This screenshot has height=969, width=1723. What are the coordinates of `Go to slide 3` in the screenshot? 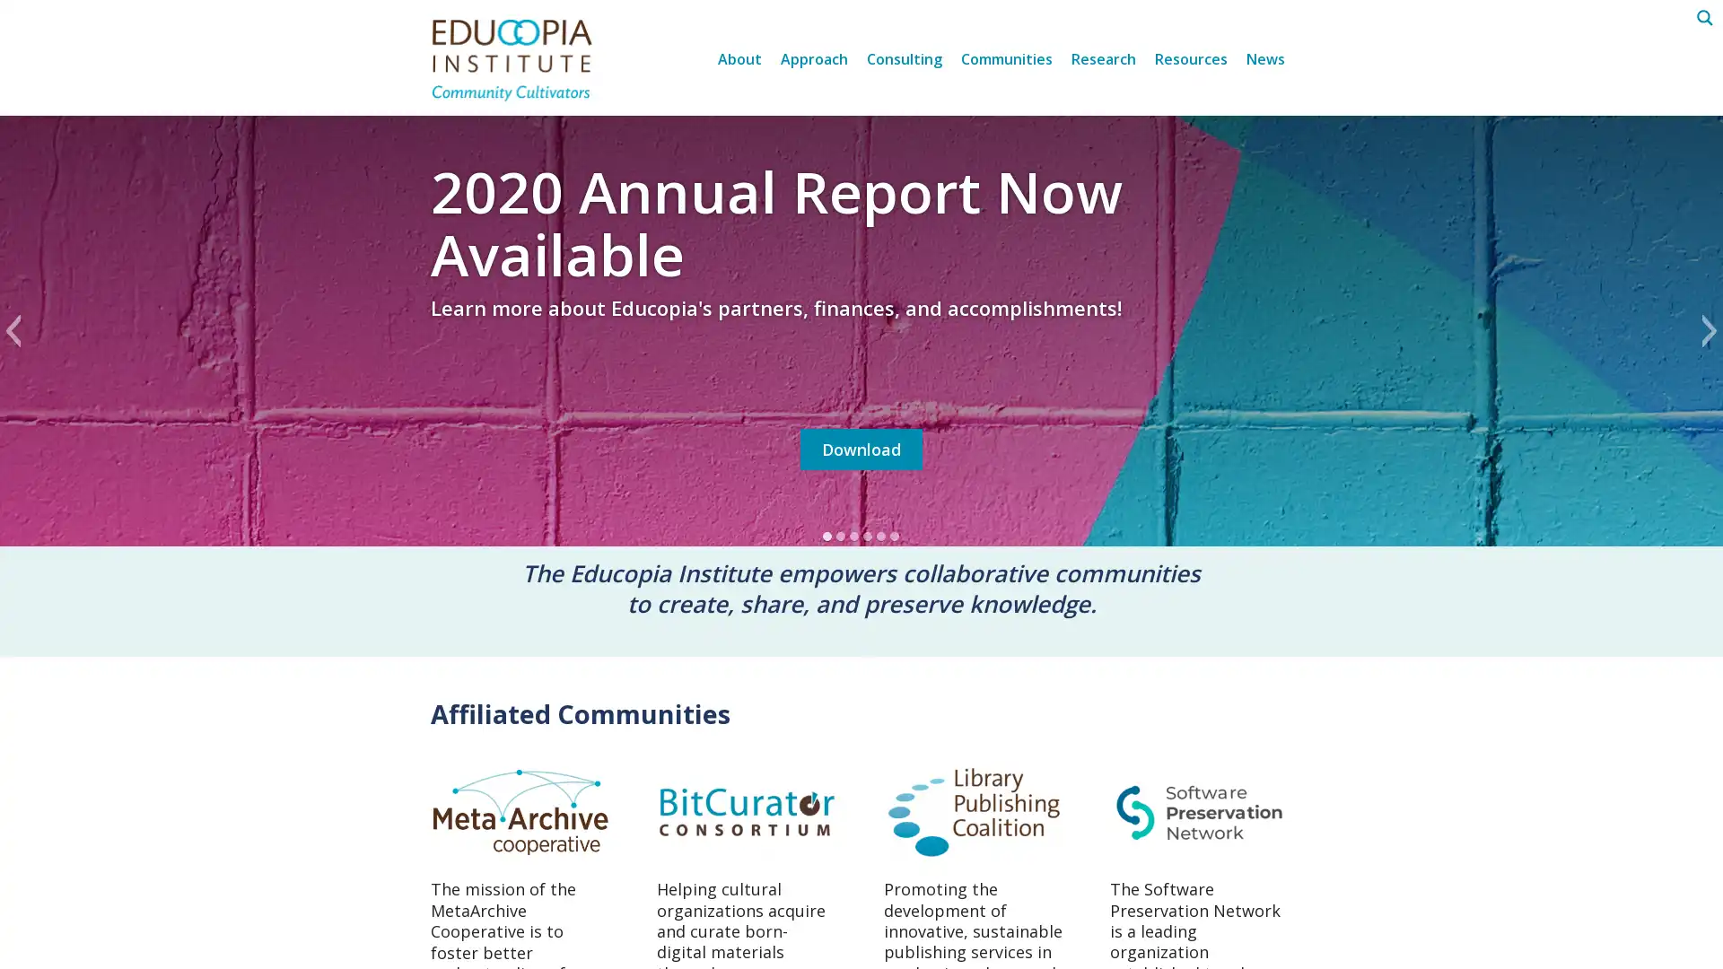 It's located at (853, 536).